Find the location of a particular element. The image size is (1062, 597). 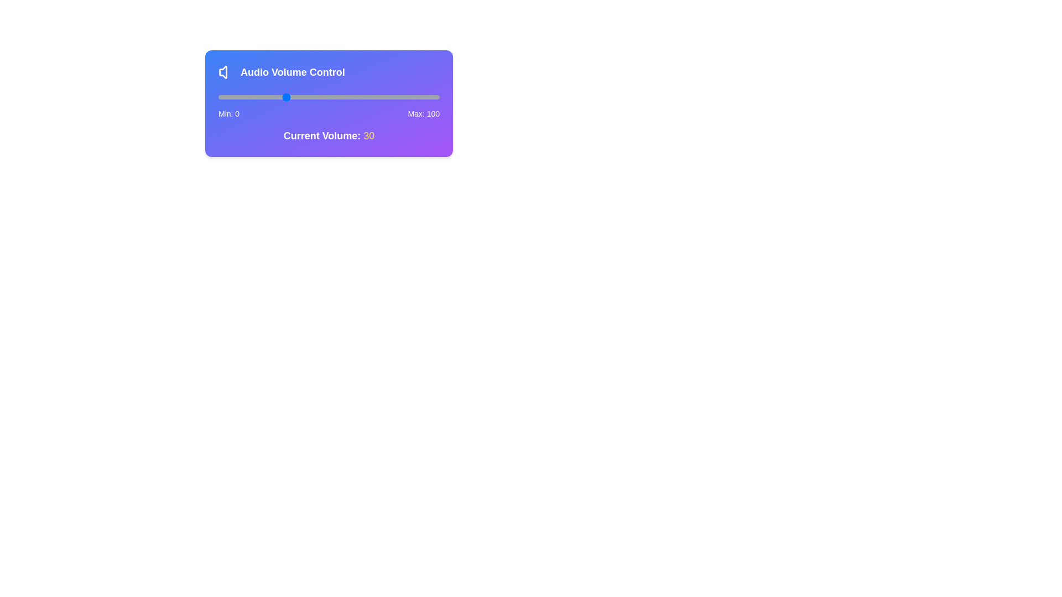

the slider to set the volume to 10 is located at coordinates (240, 97).